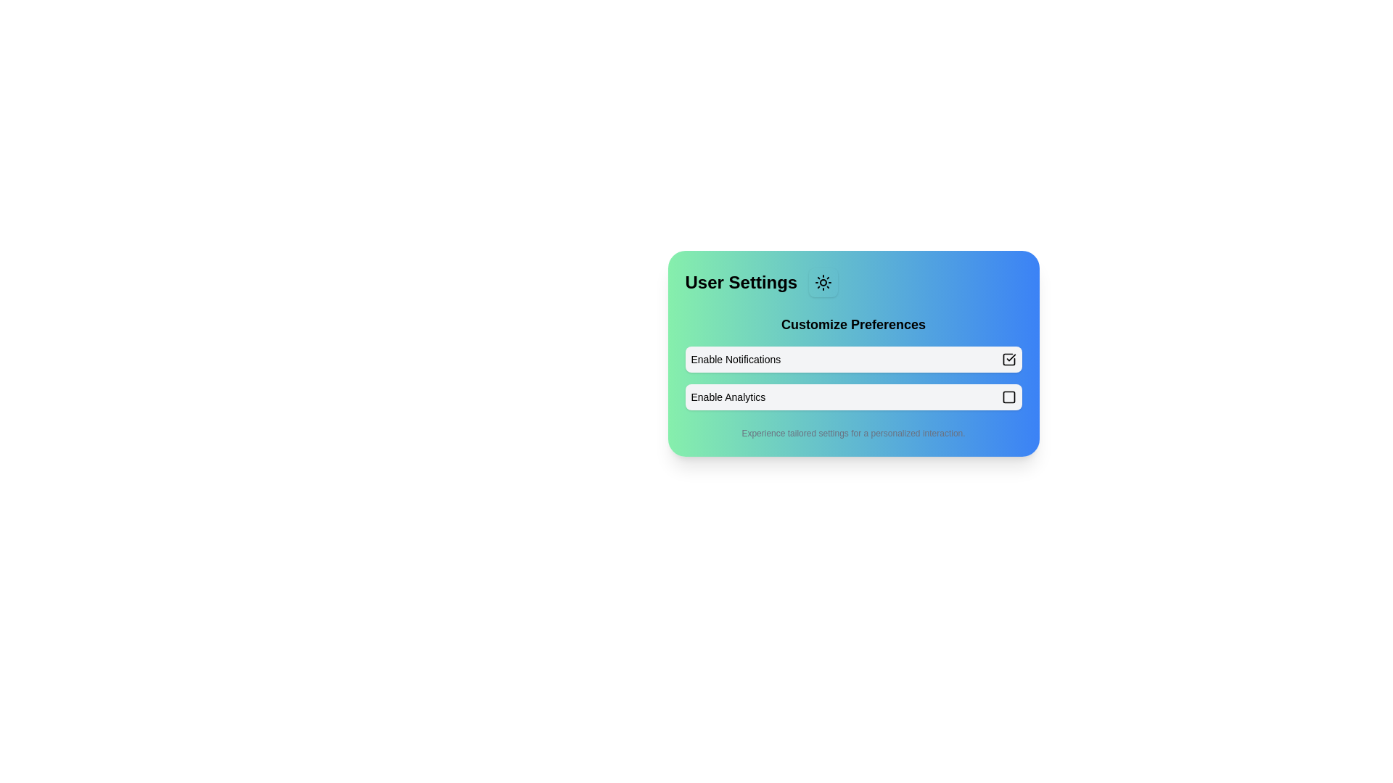 Image resolution: width=1393 pixels, height=783 pixels. Describe the element at coordinates (736, 359) in the screenshot. I see `the 'Enable Notifications' text label, which is bold and black, located to the left of the checkbox in the settings group` at that location.